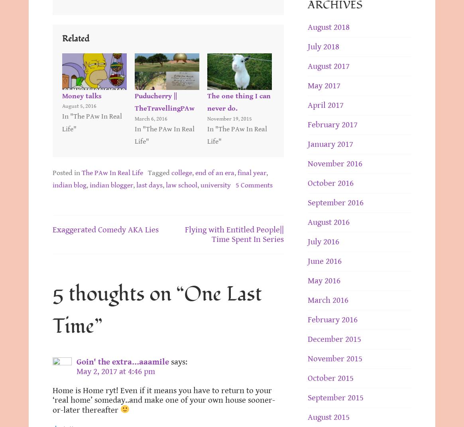 The width and height of the screenshot is (464, 427). Describe the element at coordinates (52, 310) in the screenshot. I see `'One Last Time'` at that location.